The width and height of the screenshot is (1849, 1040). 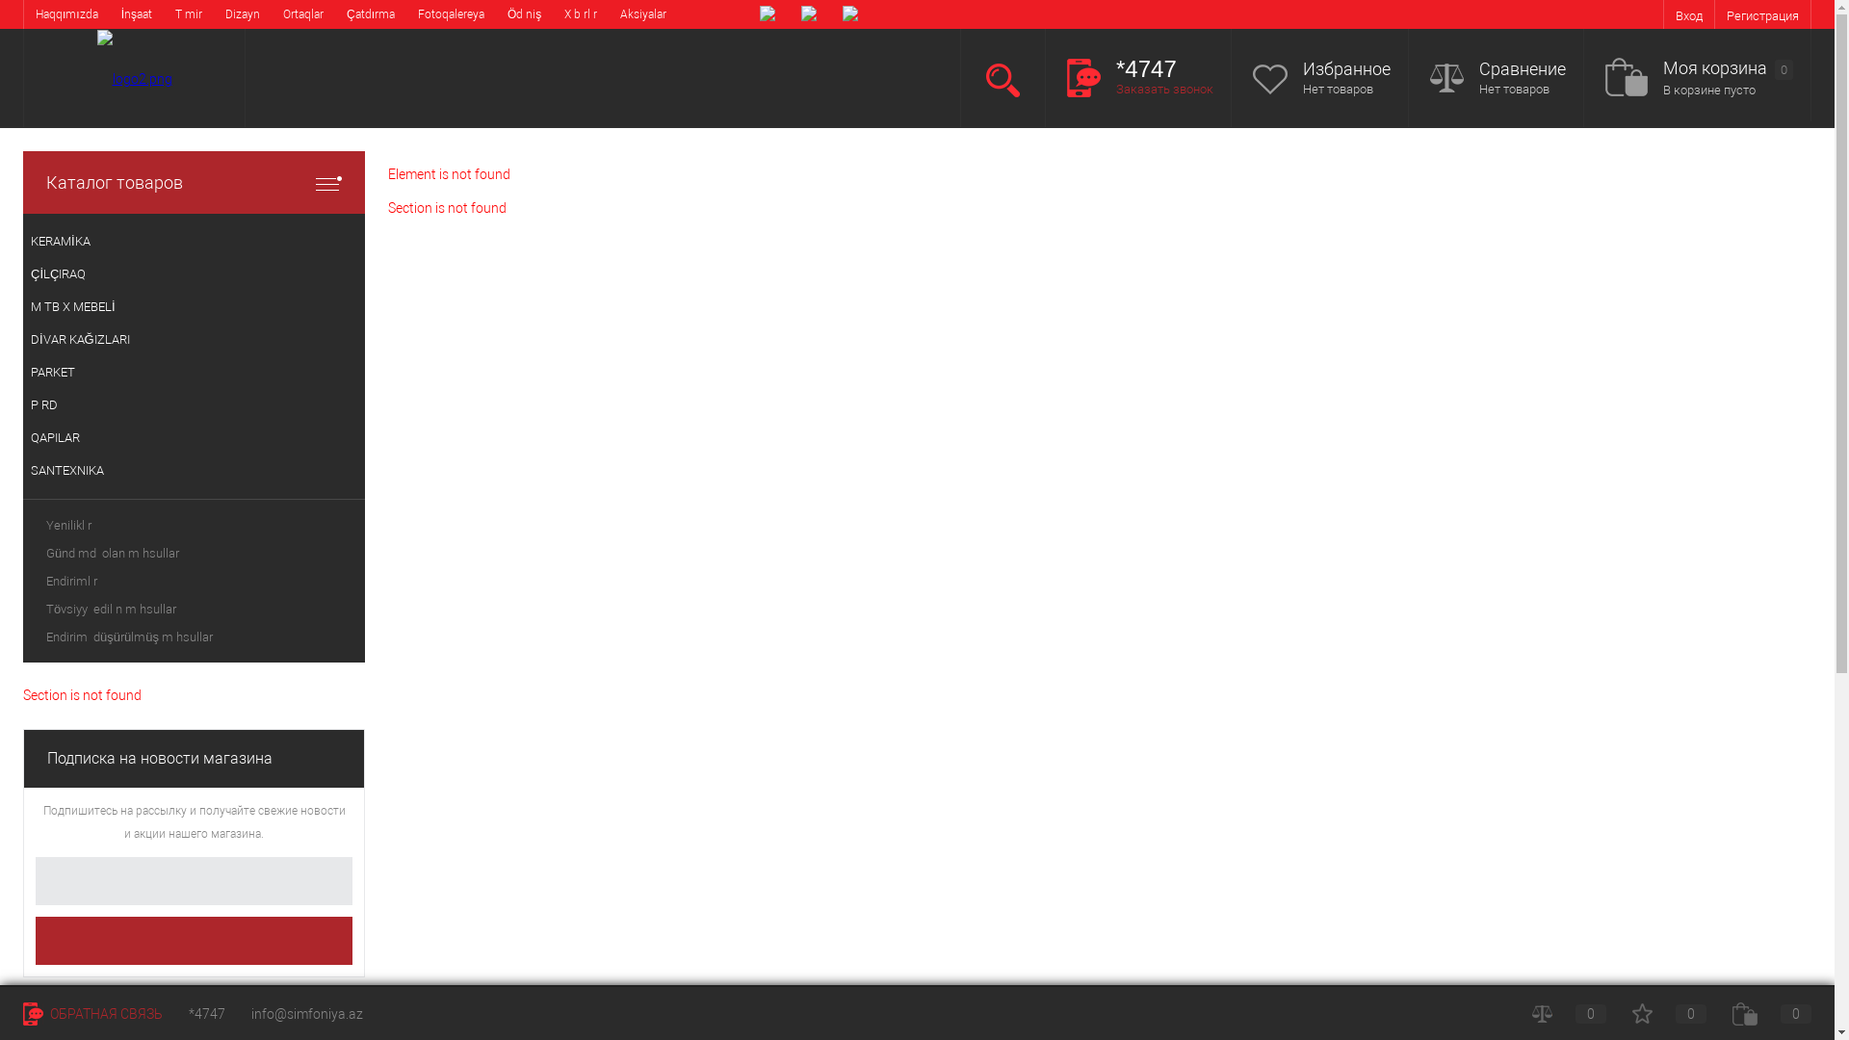 I want to click on 'QAPILAR', so click(x=194, y=438).